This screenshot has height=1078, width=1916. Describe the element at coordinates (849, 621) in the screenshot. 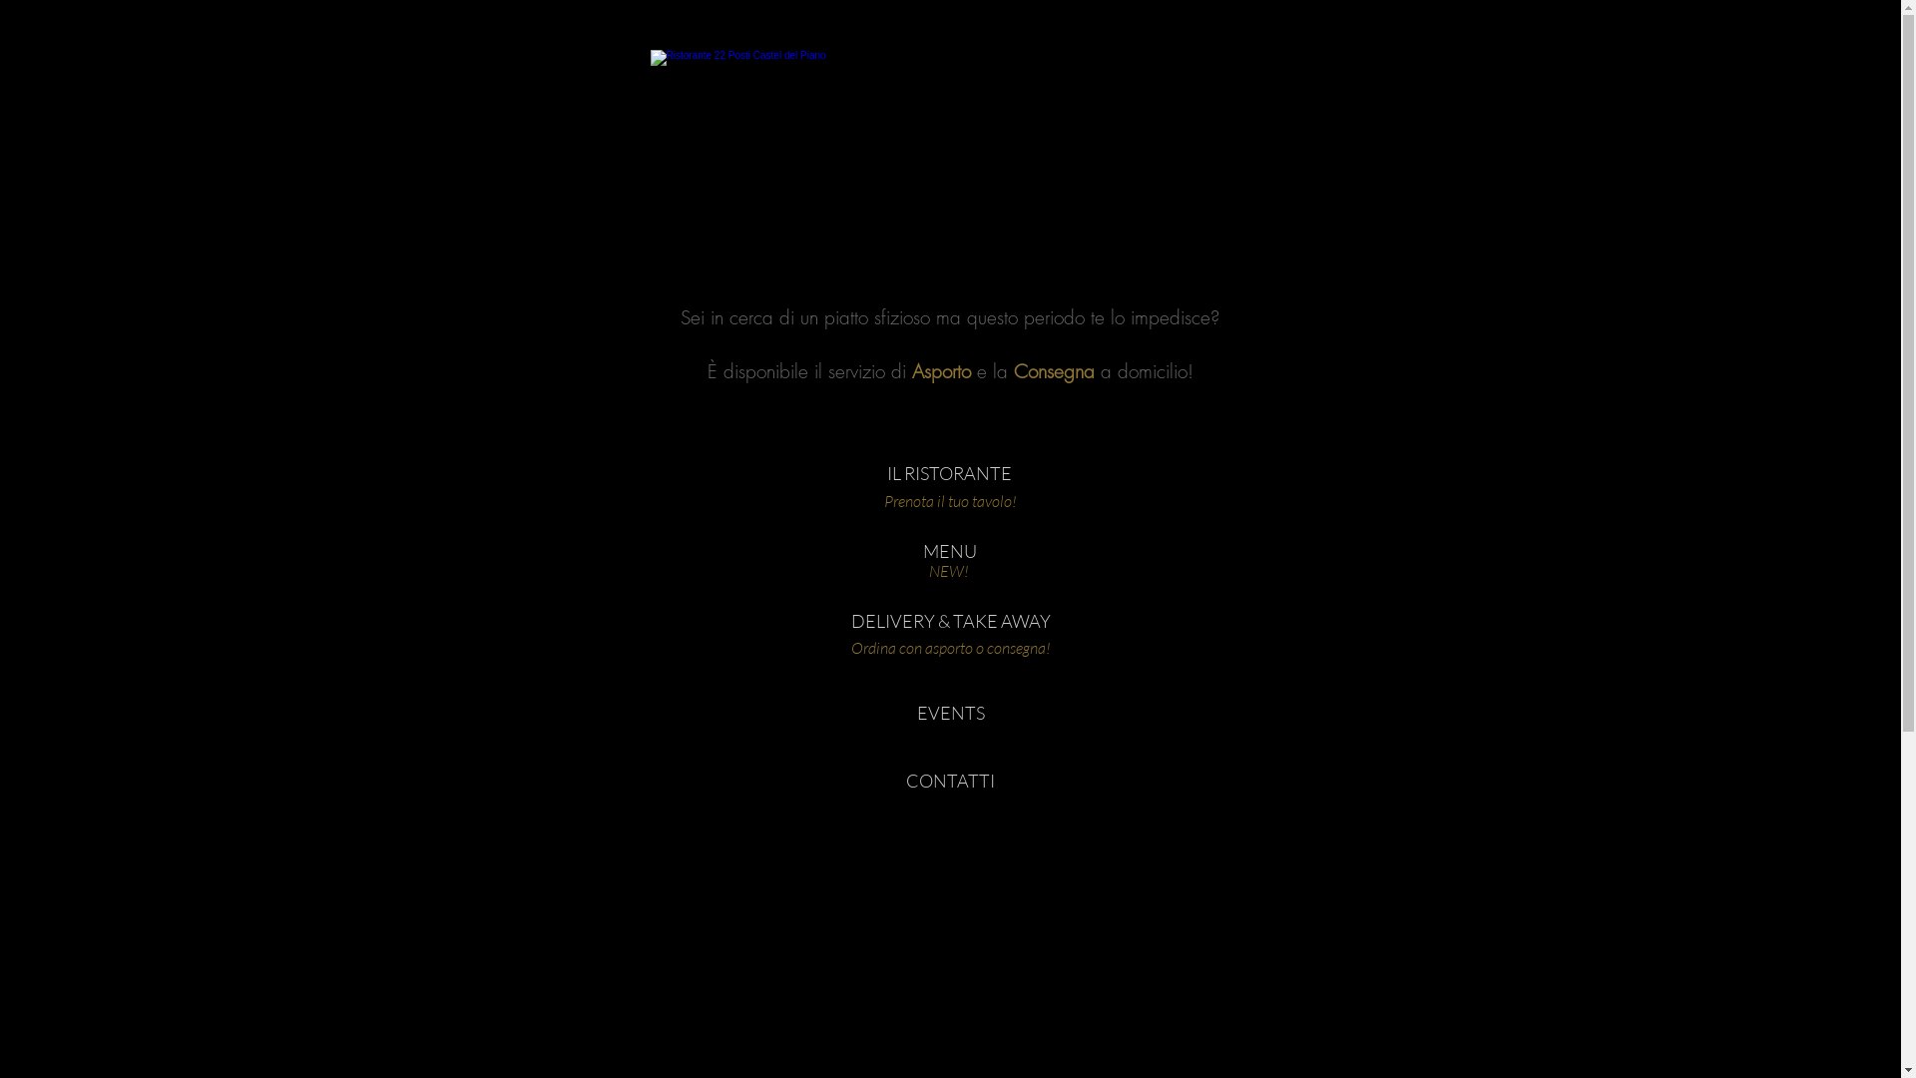

I see `'DELIVERY & TAKE AWAY'` at that location.